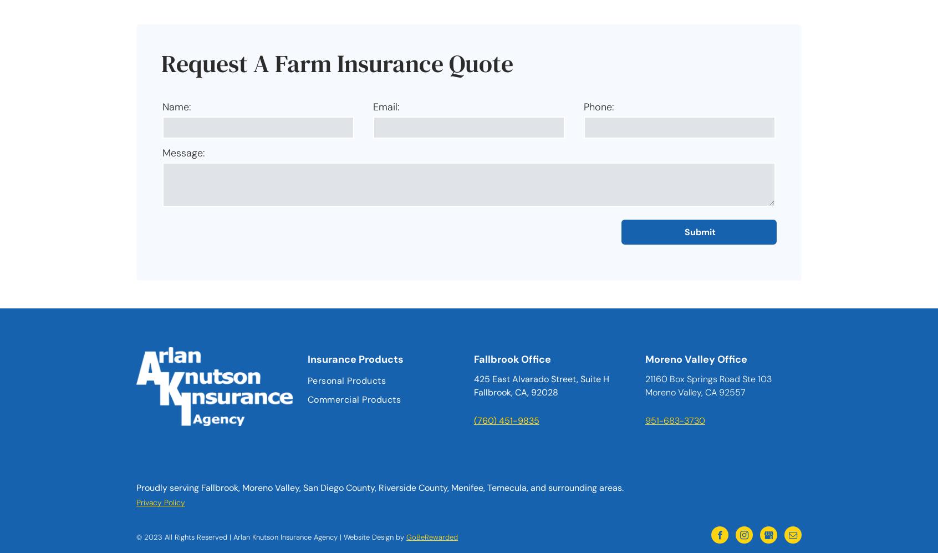 The image size is (938, 553). What do you see at coordinates (432, 536) in the screenshot?
I see `'GoBeRewarded'` at bounding box center [432, 536].